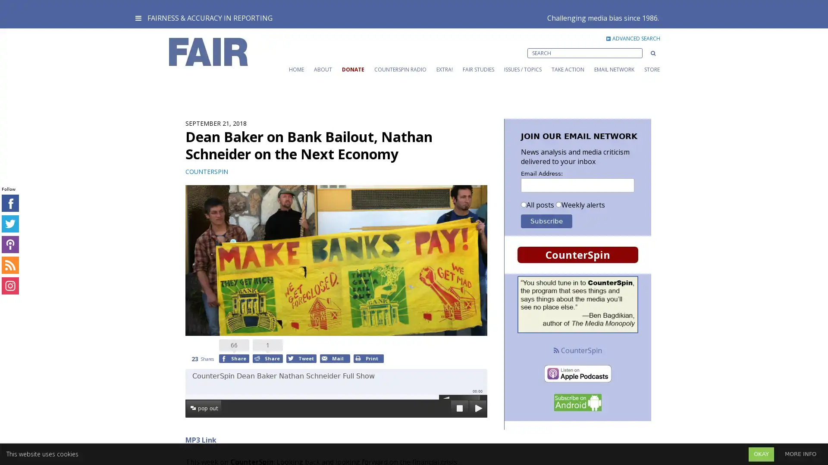 The width and height of the screenshot is (828, 465). Describe the element at coordinates (335, 345) in the screenshot. I see `Mail to Email This` at that location.